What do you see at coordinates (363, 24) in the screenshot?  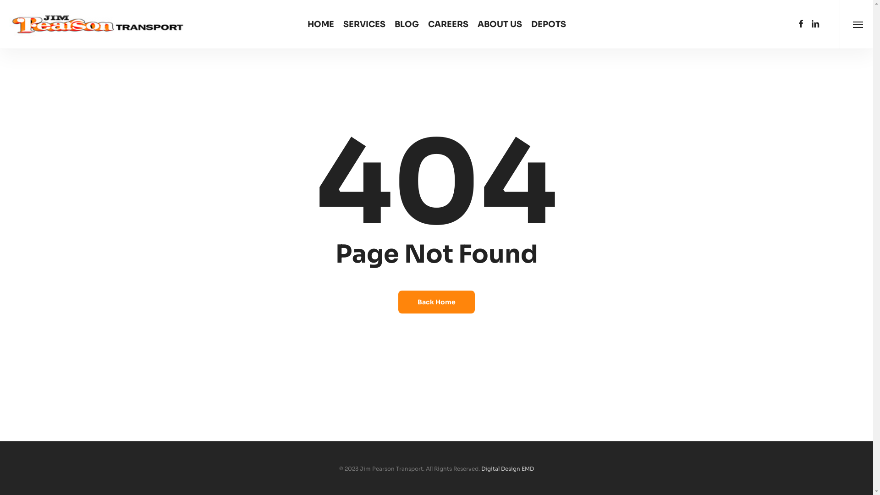 I see `'SERVICES'` at bounding box center [363, 24].